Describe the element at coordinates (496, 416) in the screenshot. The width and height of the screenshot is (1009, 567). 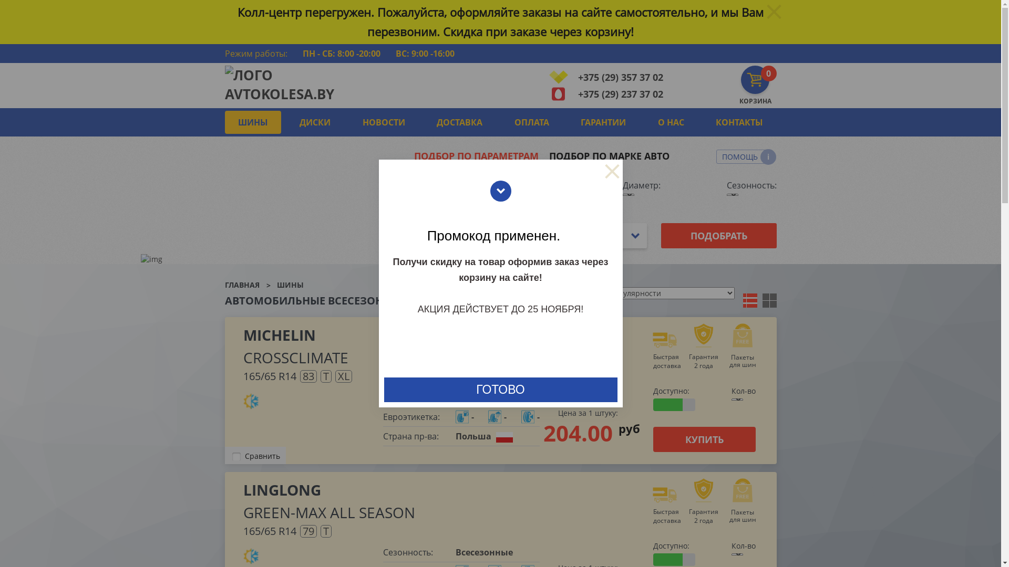
I see `'-` at that location.